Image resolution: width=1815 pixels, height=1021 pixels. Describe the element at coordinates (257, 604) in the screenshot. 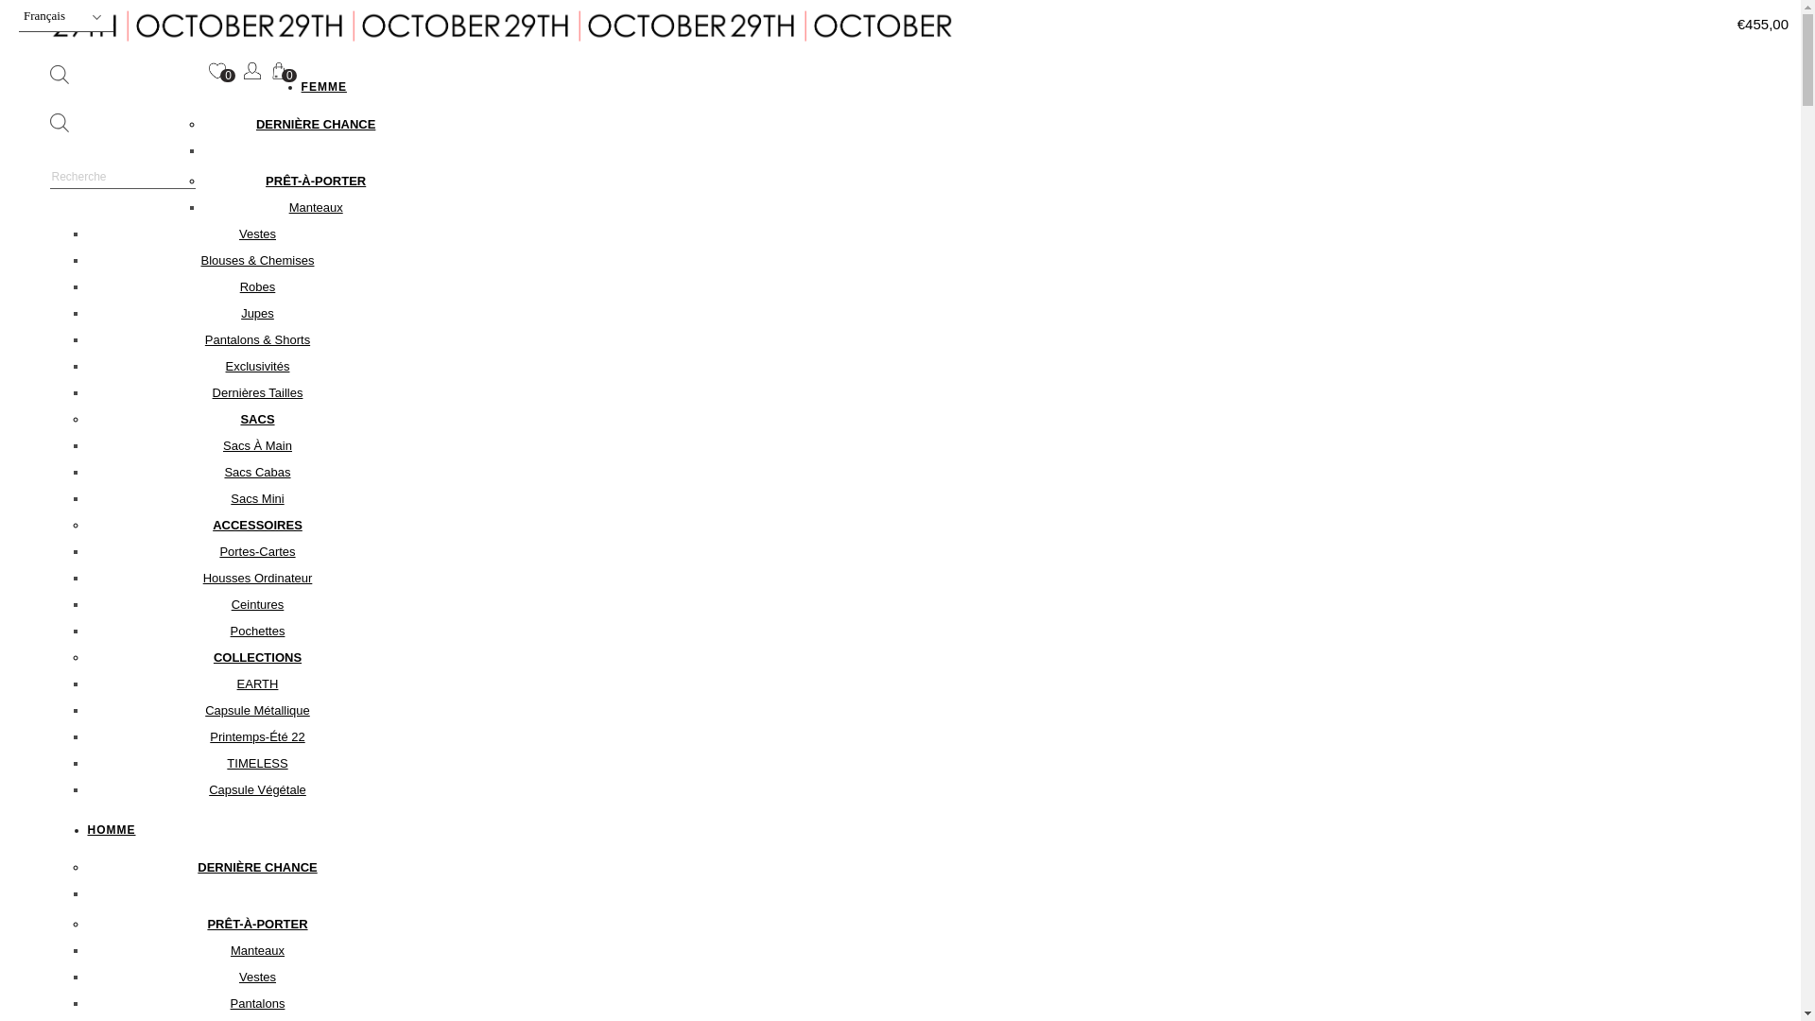

I see `'Ceintures'` at that location.